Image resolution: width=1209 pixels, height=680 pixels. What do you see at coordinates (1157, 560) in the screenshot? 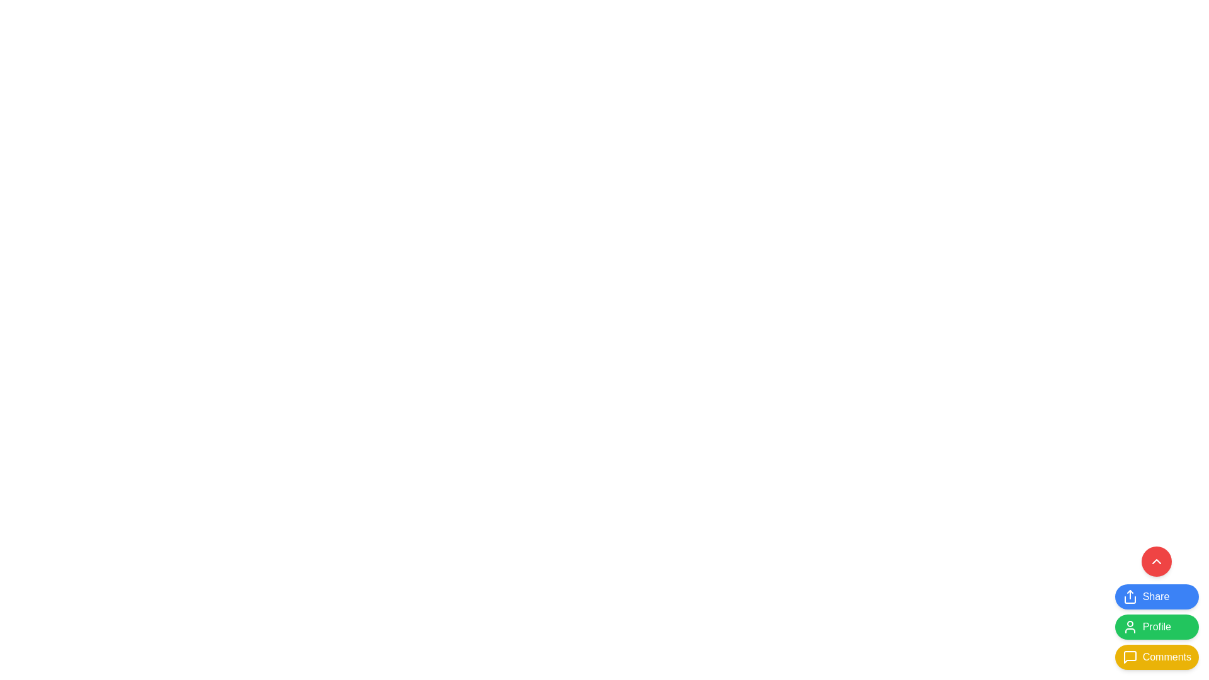
I see `the upward chevron button located at the top of the stack of buttons in the bottom-right corner, above the blue 'Share' button` at bounding box center [1157, 560].